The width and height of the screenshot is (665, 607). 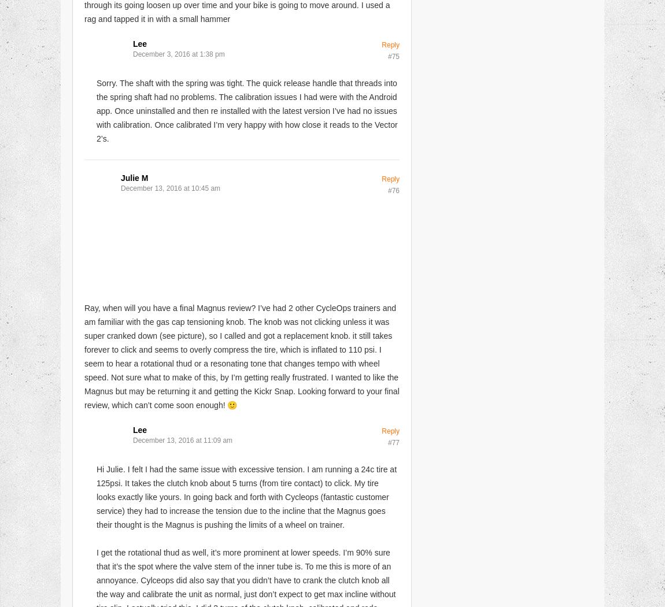 What do you see at coordinates (246, 497) in the screenshot?
I see `'Hi Julie. I felt I had the same issue with excessive tension. I am running a 24c tire at 125psi. It takes the clutch knob about 5 turns (from tire contact) to click. My tire looks exactly like yours. In going back and forth with Cycleops (fantastic customer service) they had to increase the tension due to the incline that the Magnus goes their thought is the Magnus is pushing the limits of a wheel on trainer.'` at bounding box center [246, 497].